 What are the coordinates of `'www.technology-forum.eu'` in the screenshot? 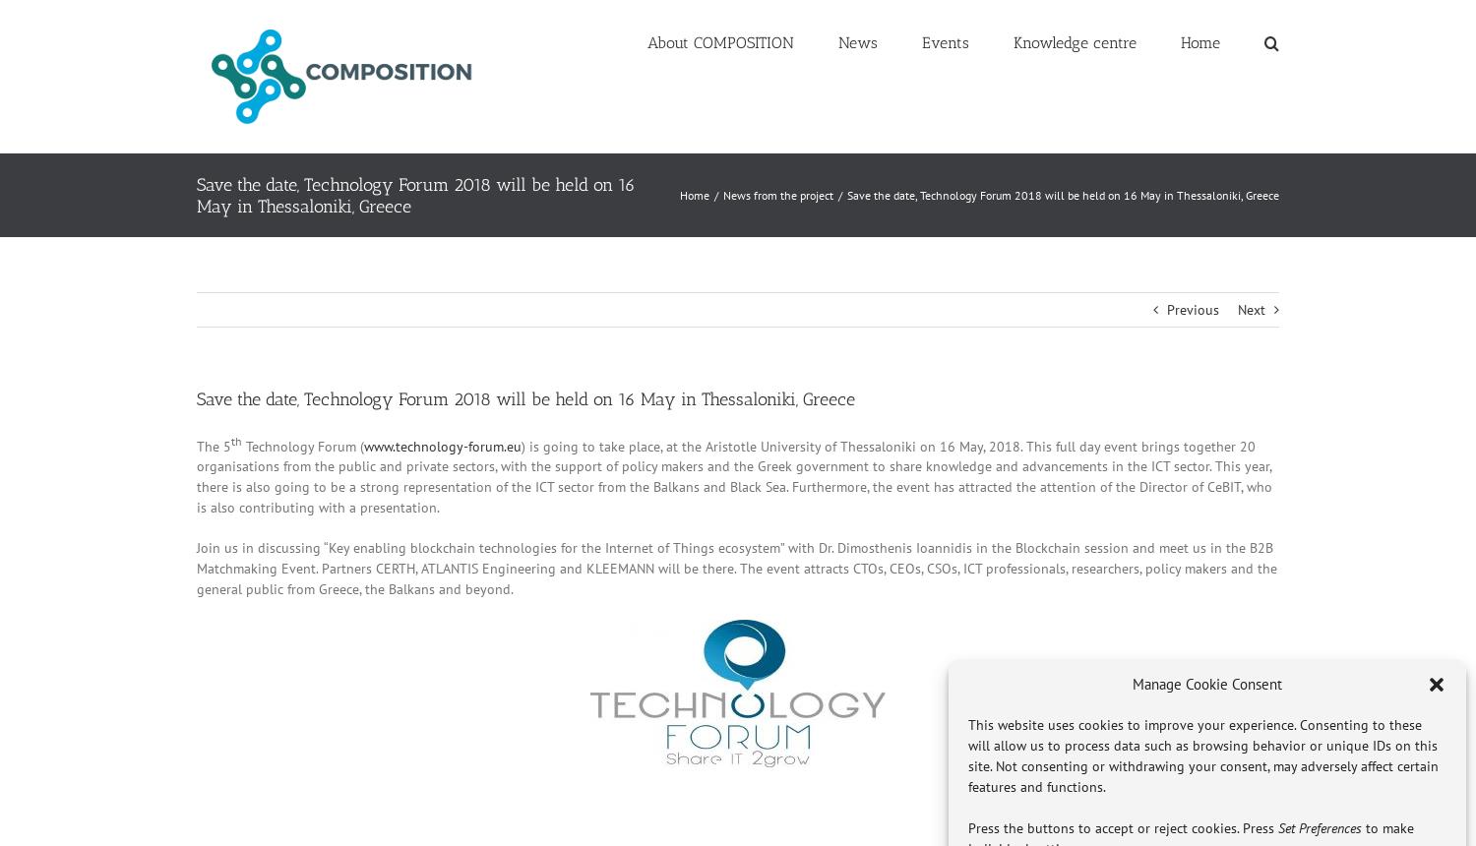 It's located at (442, 445).